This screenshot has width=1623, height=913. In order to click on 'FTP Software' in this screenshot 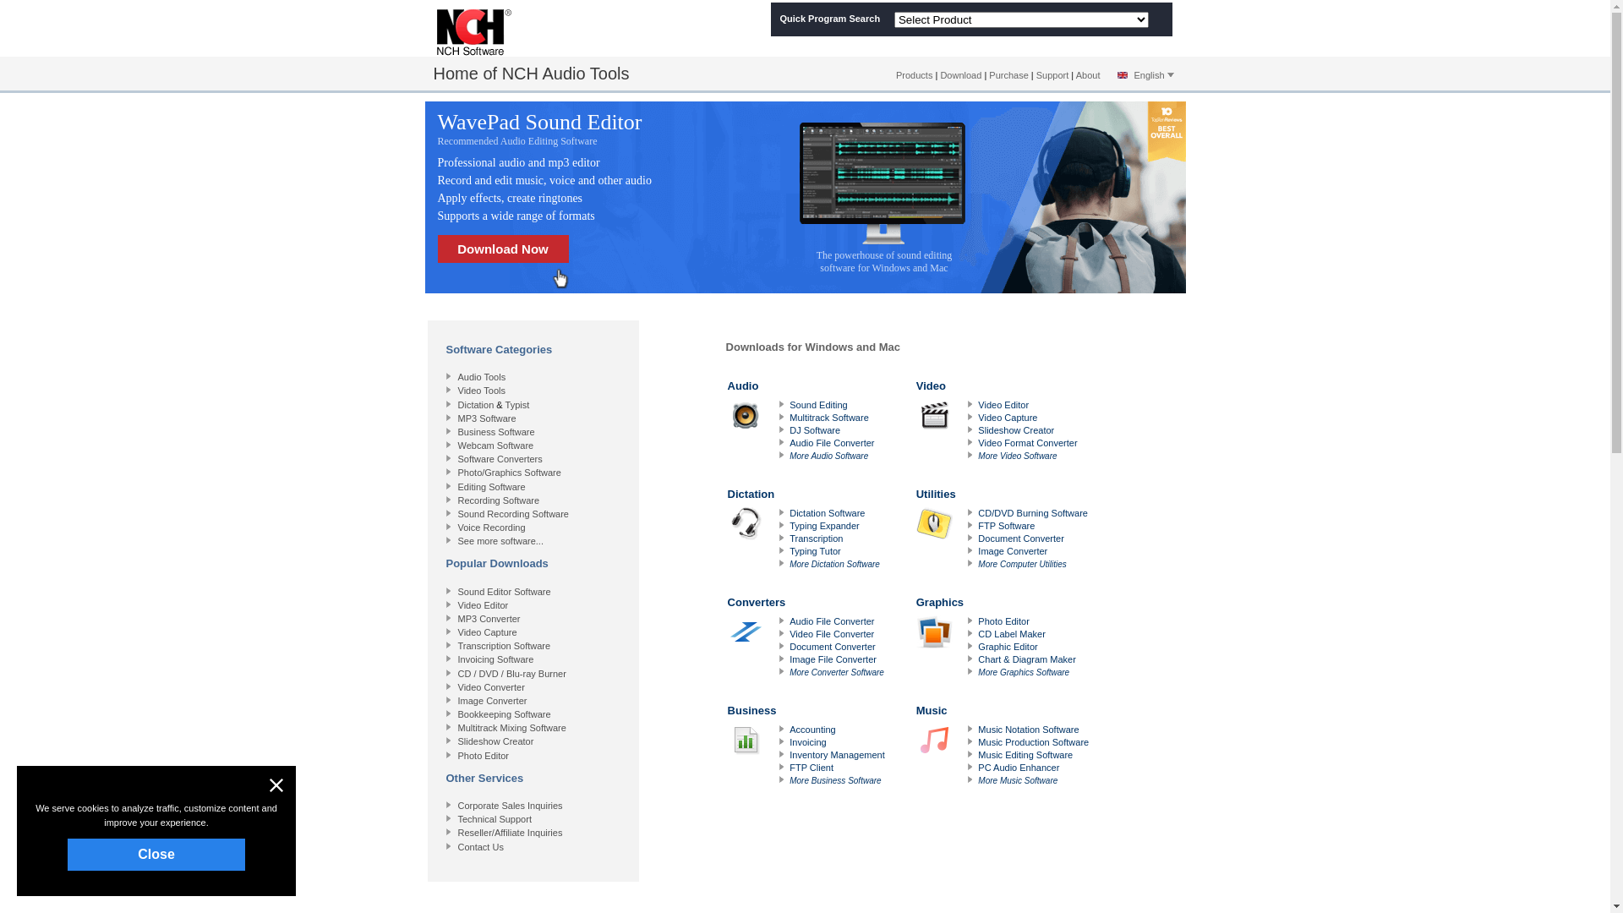, I will do `click(1006, 524)`.